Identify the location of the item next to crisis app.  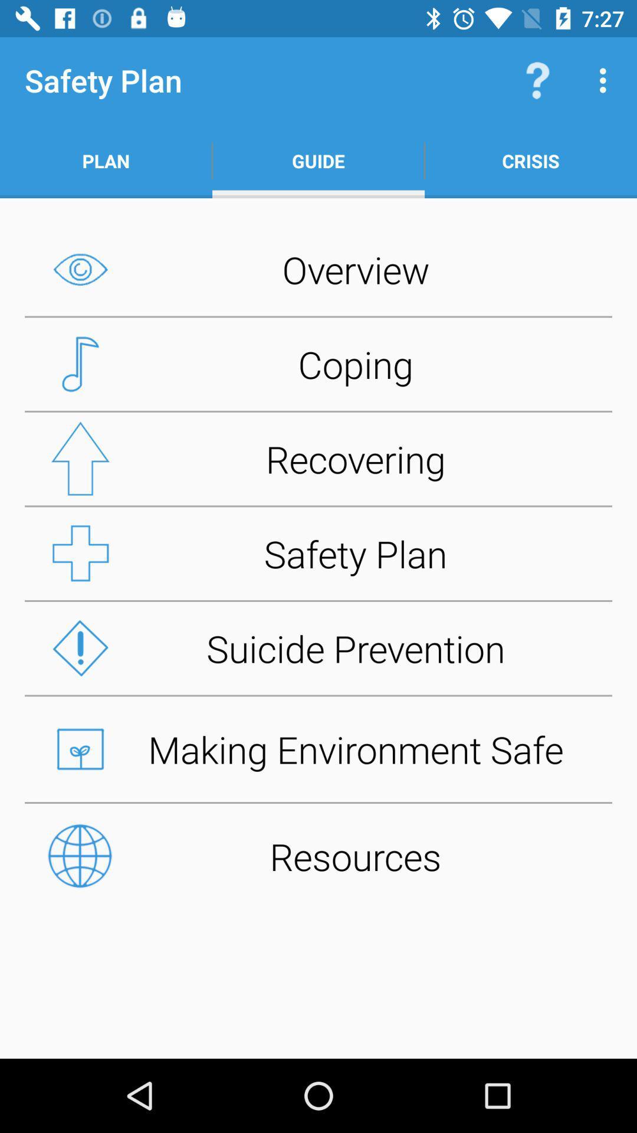
(318, 161).